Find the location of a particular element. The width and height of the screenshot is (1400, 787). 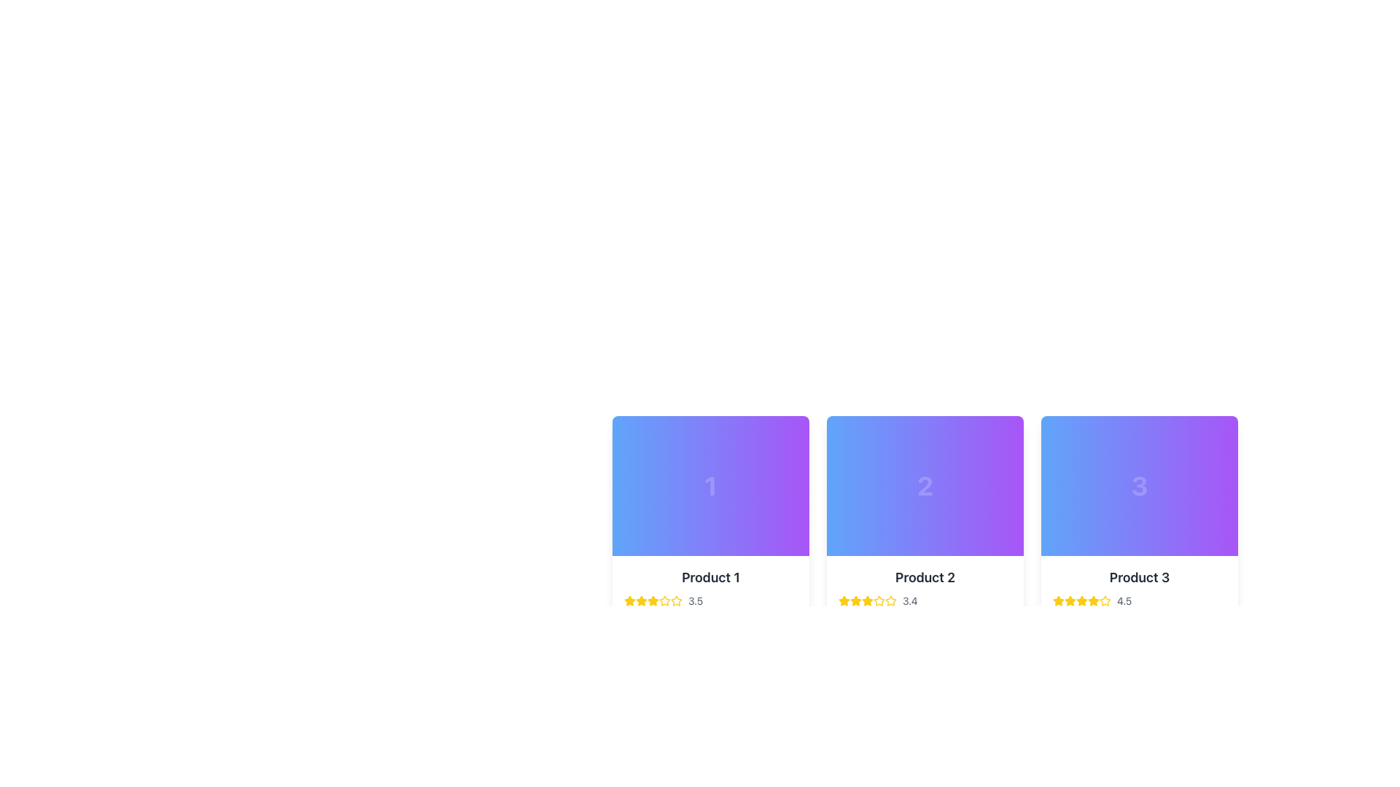

the product title text label located in the middle of a row of three product cards, positioned directly beneath the gradient rectangle and above the star rating system to interact with the product is located at coordinates (924, 577).